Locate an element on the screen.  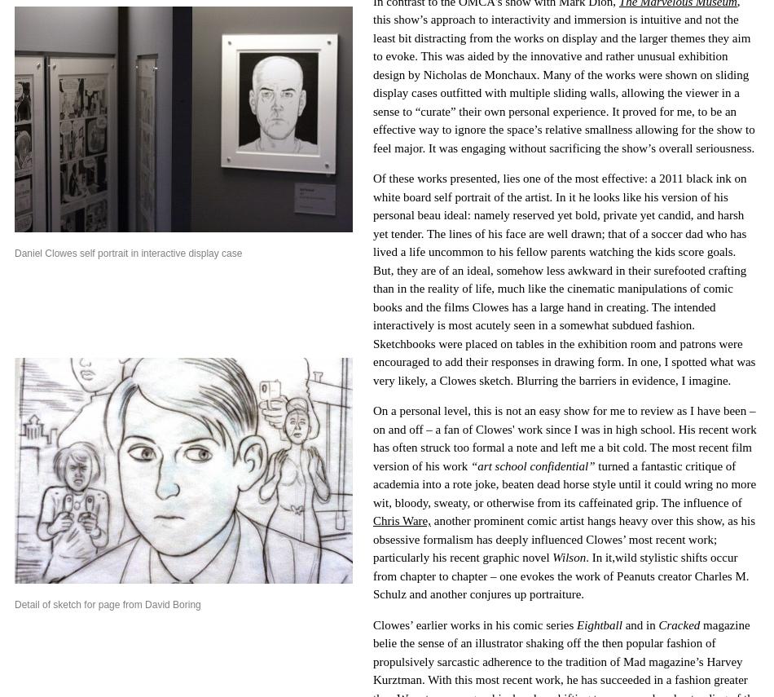
'this show’s approach to interactivity and immersion is intuitive and not the least bit distracting from the works on display and the larger themes they aim to evoke. This was aided by the innovative and rather unusual exhibition design by Nicholas de Monchaux. Many of the works were shown on sliding display cases outfitted with multiple sliding walls, allowing the viewer in a sense to “curate” their own personal experience. It proved for me, to be an effective way to ignore the space’s relative smallness allowing for the show to feel major. It was engaging without sacrificing the show’s overall seriousness.' is located at coordinates (563, 82).